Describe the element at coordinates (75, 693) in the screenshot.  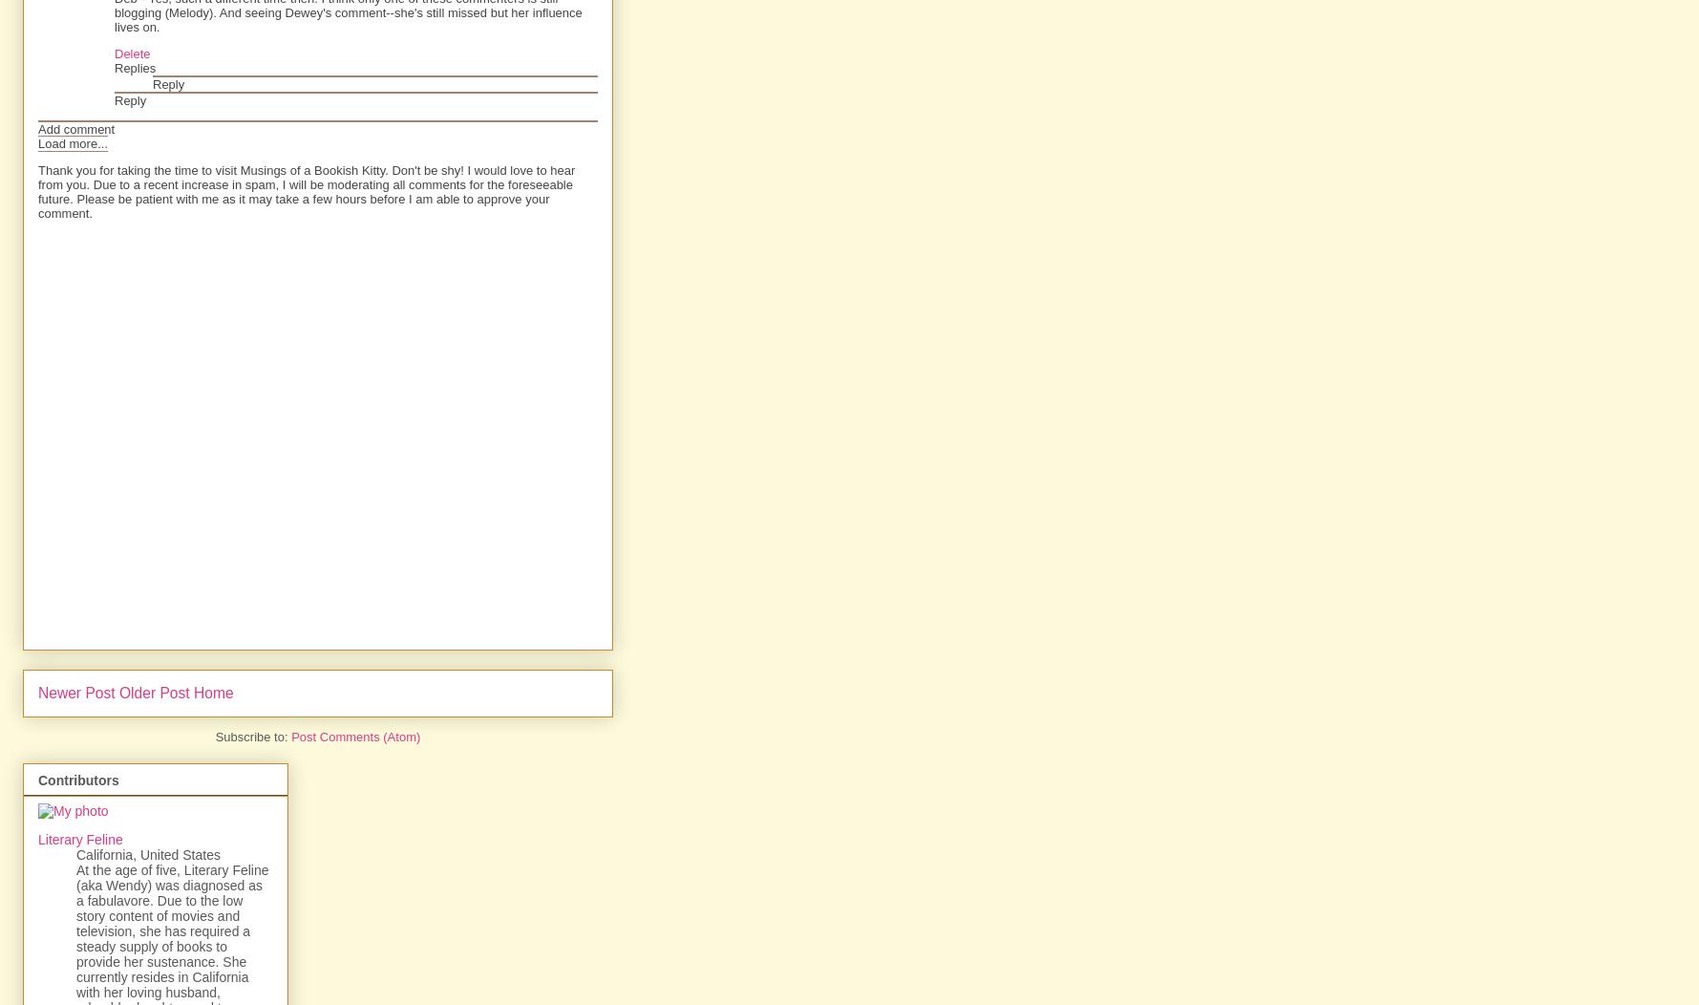
I see `'Newer Post'` at that location.